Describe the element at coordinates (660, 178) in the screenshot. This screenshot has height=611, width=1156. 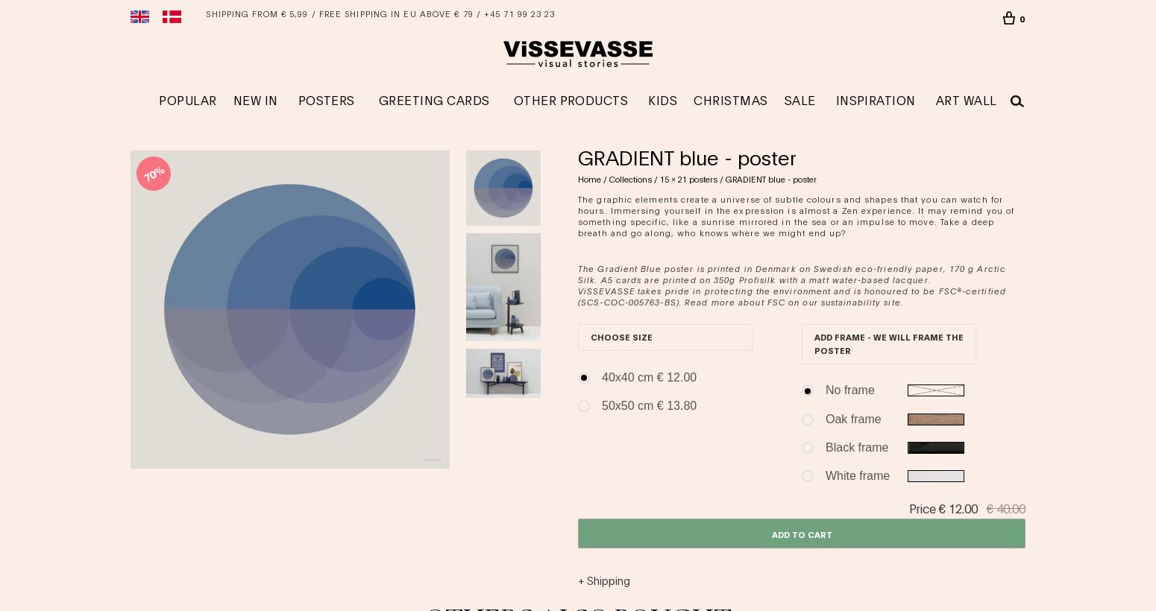
I see `'15 x 21 posters'` at that location.